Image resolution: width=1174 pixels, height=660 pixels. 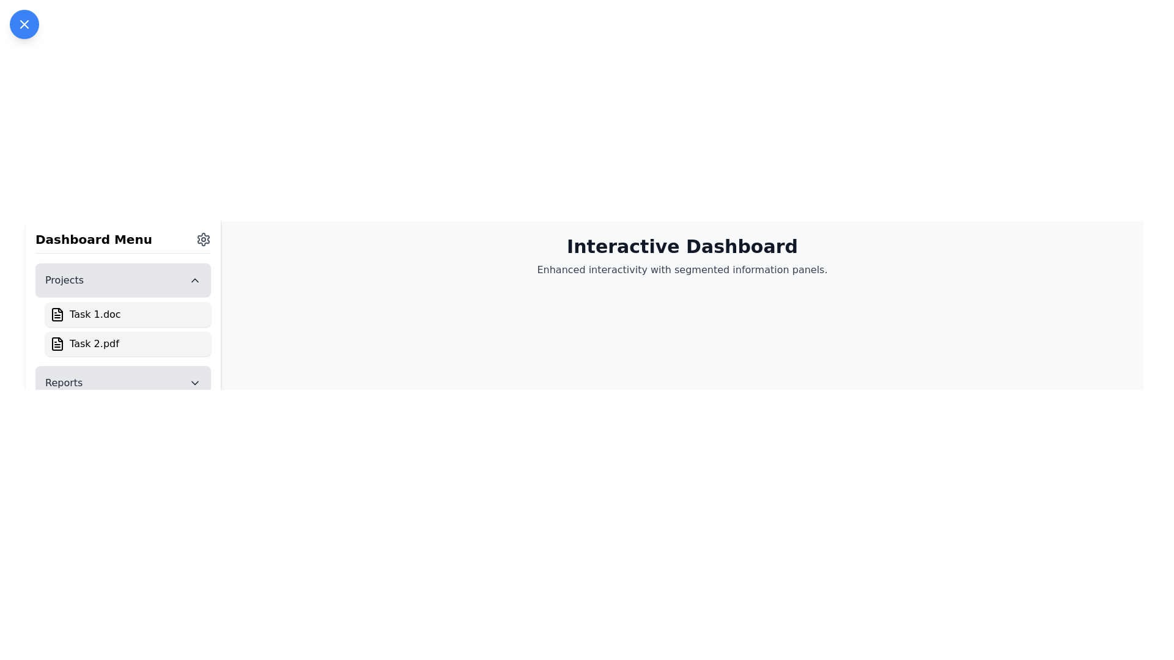 I want to click on the 'Task 2.pdf' button in the 'Projects' section of the 'Dashboard Menu', so click(x=94, y=344).